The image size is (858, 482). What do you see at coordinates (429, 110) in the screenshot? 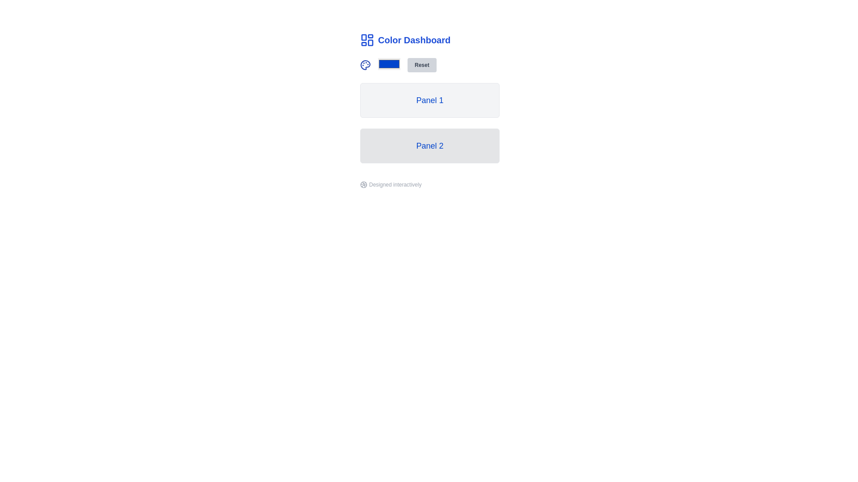
I see `the panel labeled 'Panel 1' which has a light gray background and a bold blue font` at bounding box center [429, 110].